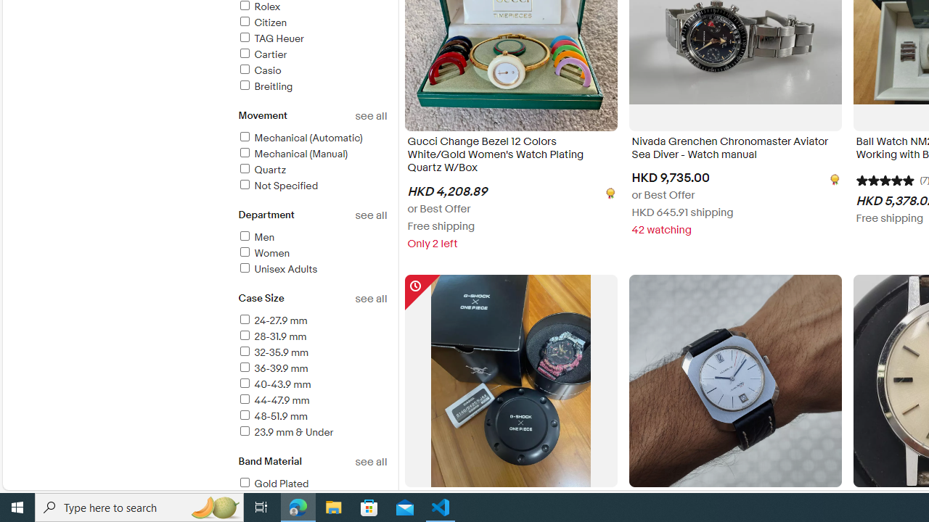  I want to click on '48-51.9 mm', so click(311, 417).